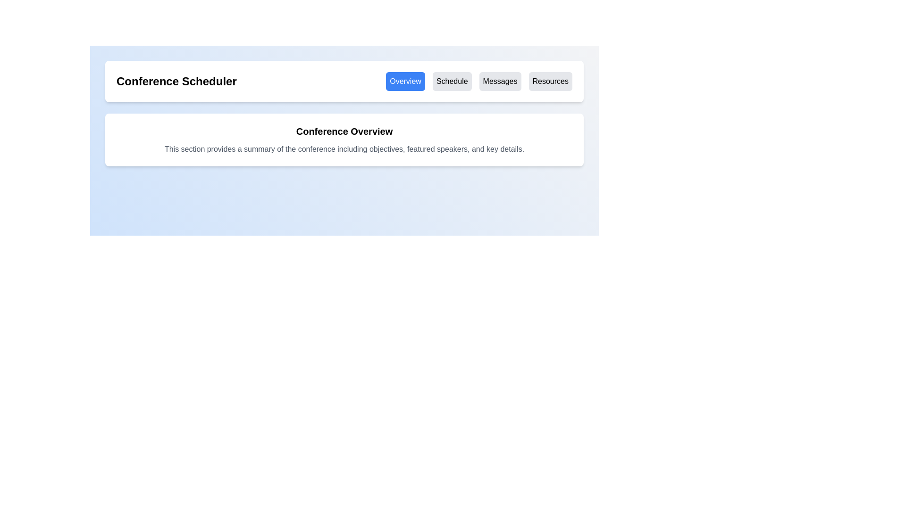 The image size is (906, 509). Describe the element at coordinates (550, 81) in the screenshot. I see `the 'Resources' button located in the top-right section of the interface, below the header 'Conference Scheduler'` at that location.